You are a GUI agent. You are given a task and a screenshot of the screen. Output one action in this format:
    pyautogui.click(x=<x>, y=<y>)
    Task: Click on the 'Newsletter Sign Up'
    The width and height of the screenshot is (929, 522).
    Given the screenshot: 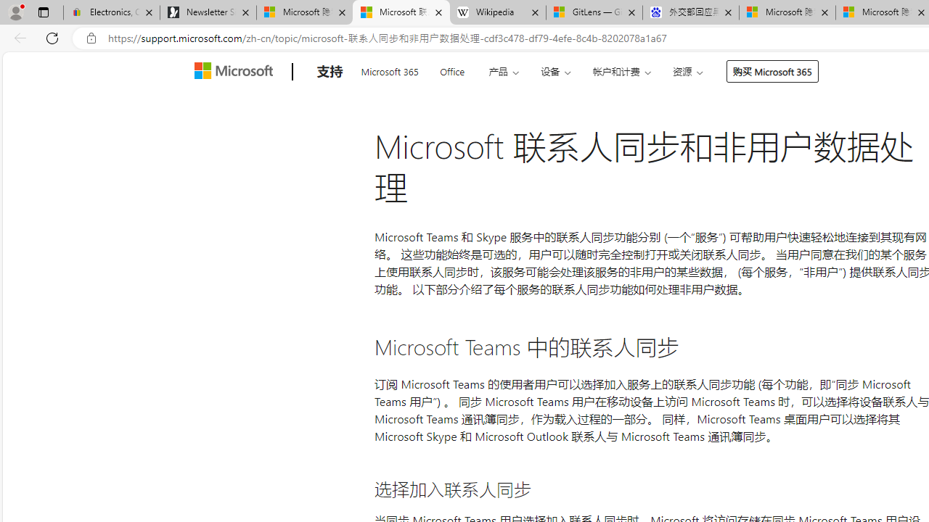 What is the action you would take?
    pyautogui.click(x=208, y=12)
    